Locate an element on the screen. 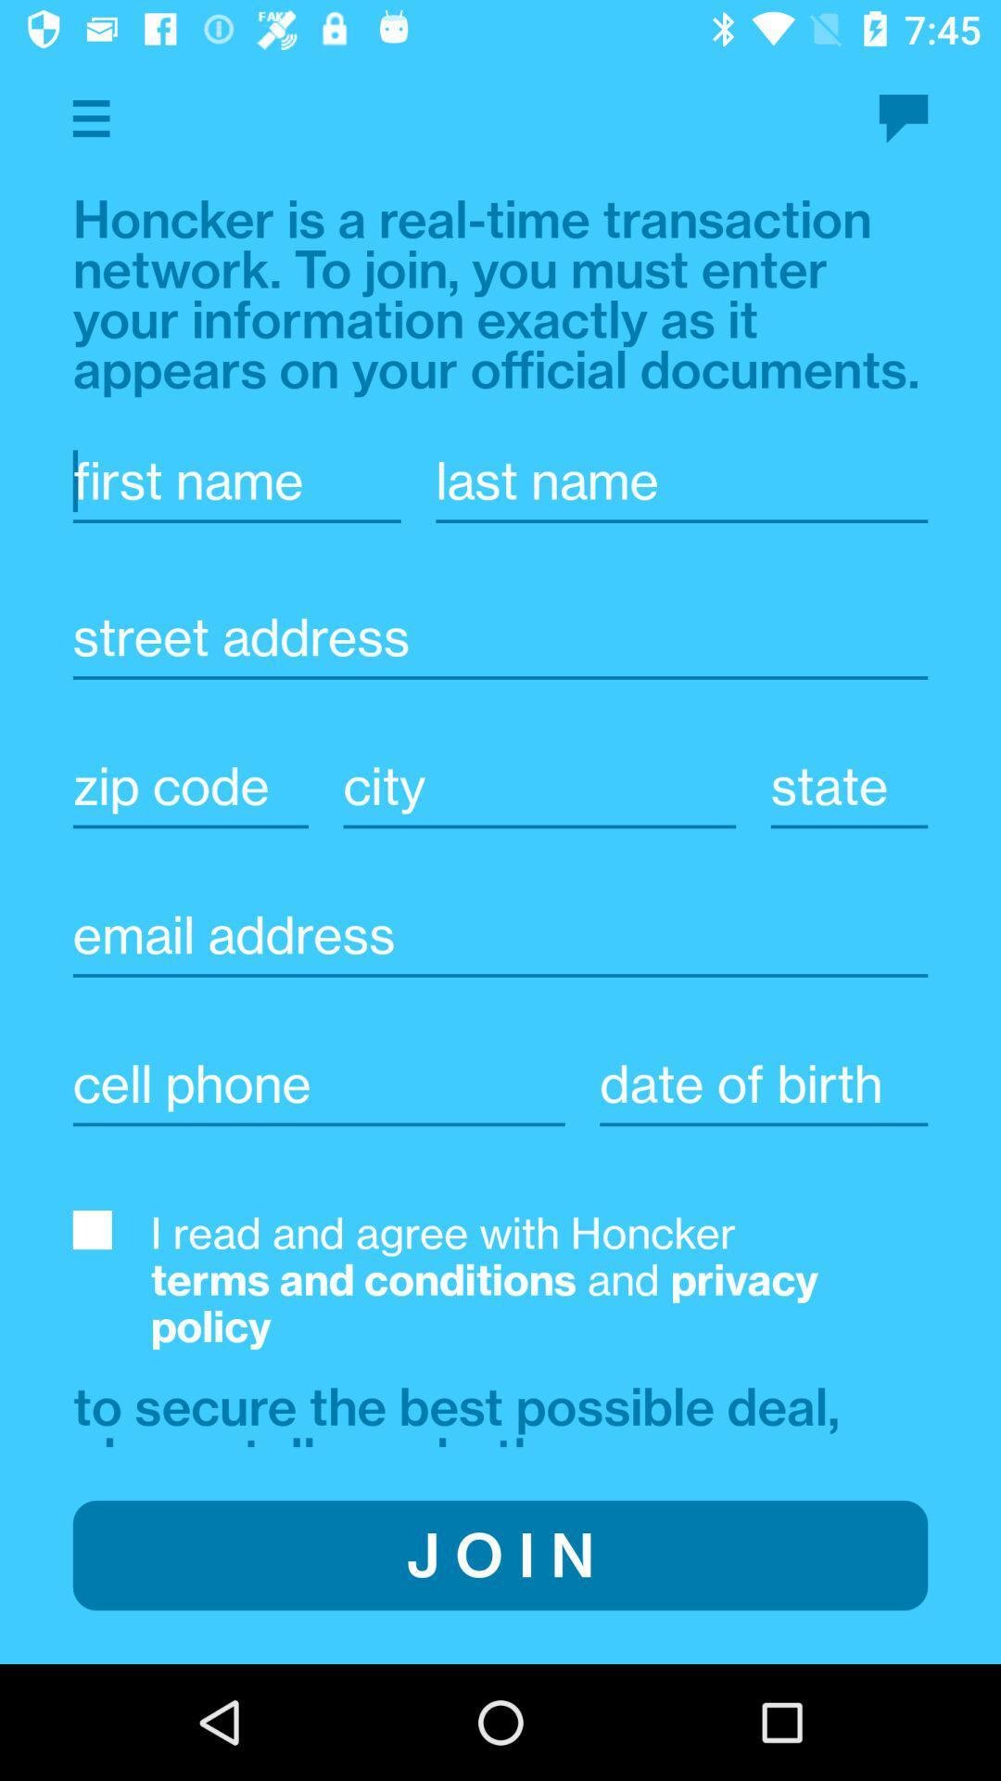 The image size is (1001, 1781). type last name is located at coordinates (681, 480).